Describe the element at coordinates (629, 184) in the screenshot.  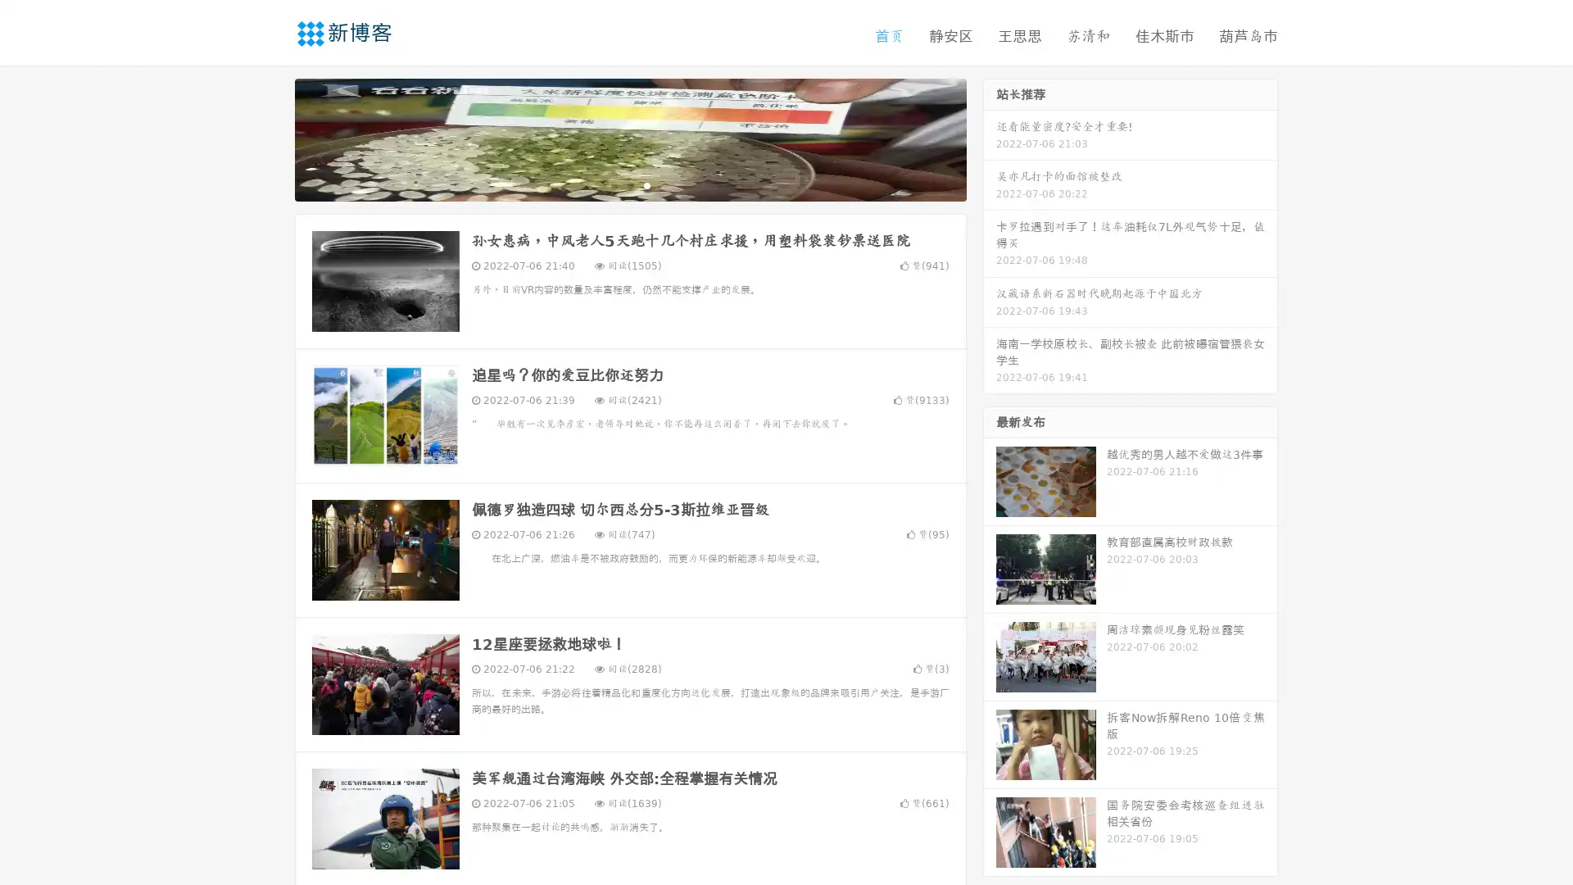
I see `Go to slide 2` at that location.